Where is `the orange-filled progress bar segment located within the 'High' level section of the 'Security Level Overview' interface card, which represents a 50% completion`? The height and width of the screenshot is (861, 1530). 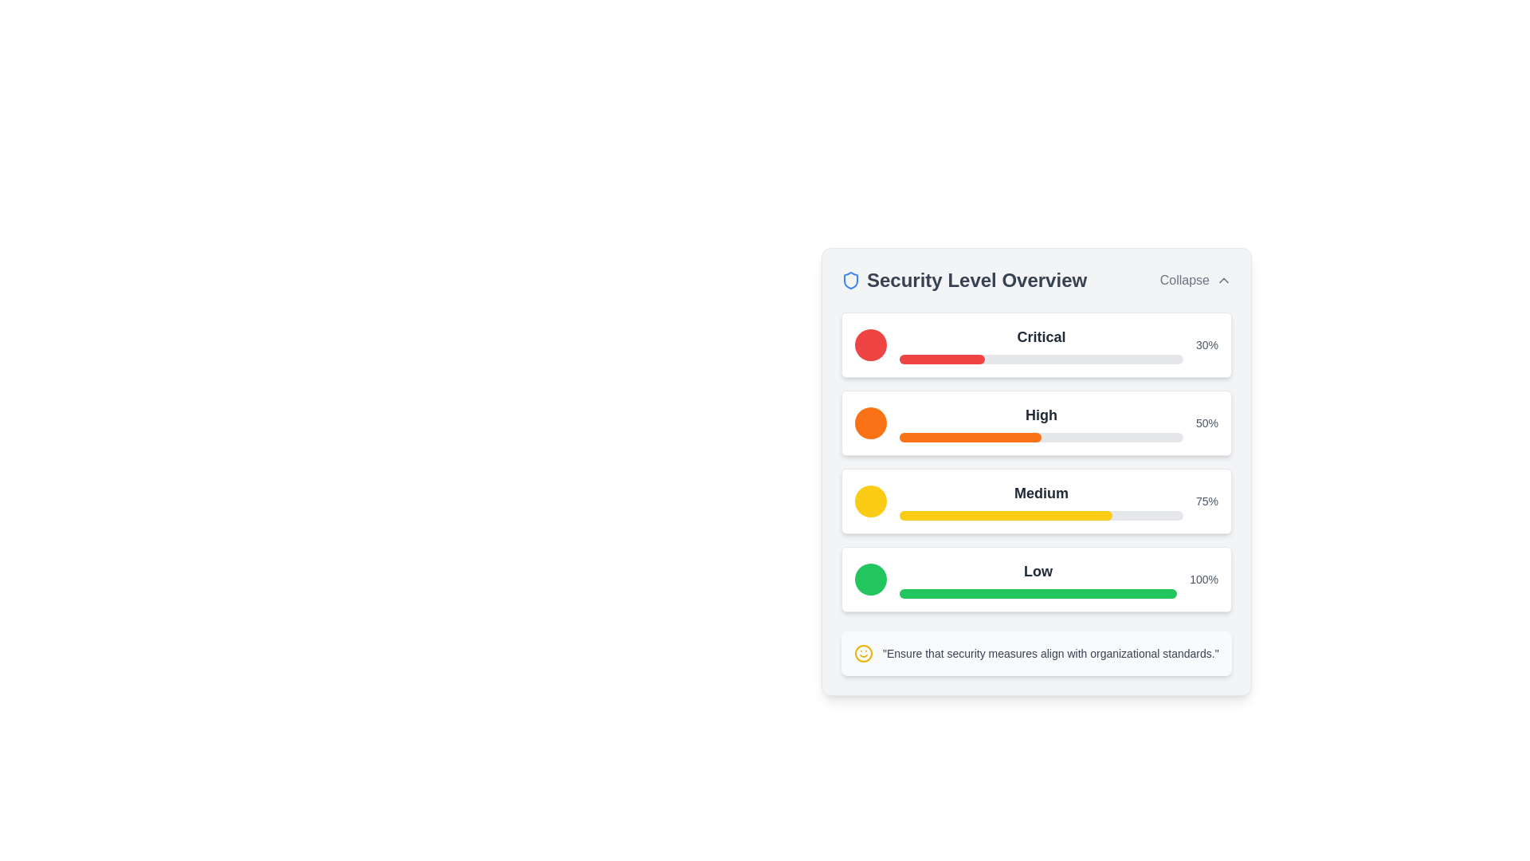
the orange-filled progress bar segment located within the 'High' level section of the 'Security Level Overview' interface card, which represents a 50% completion is located at coordinates (970, 437).